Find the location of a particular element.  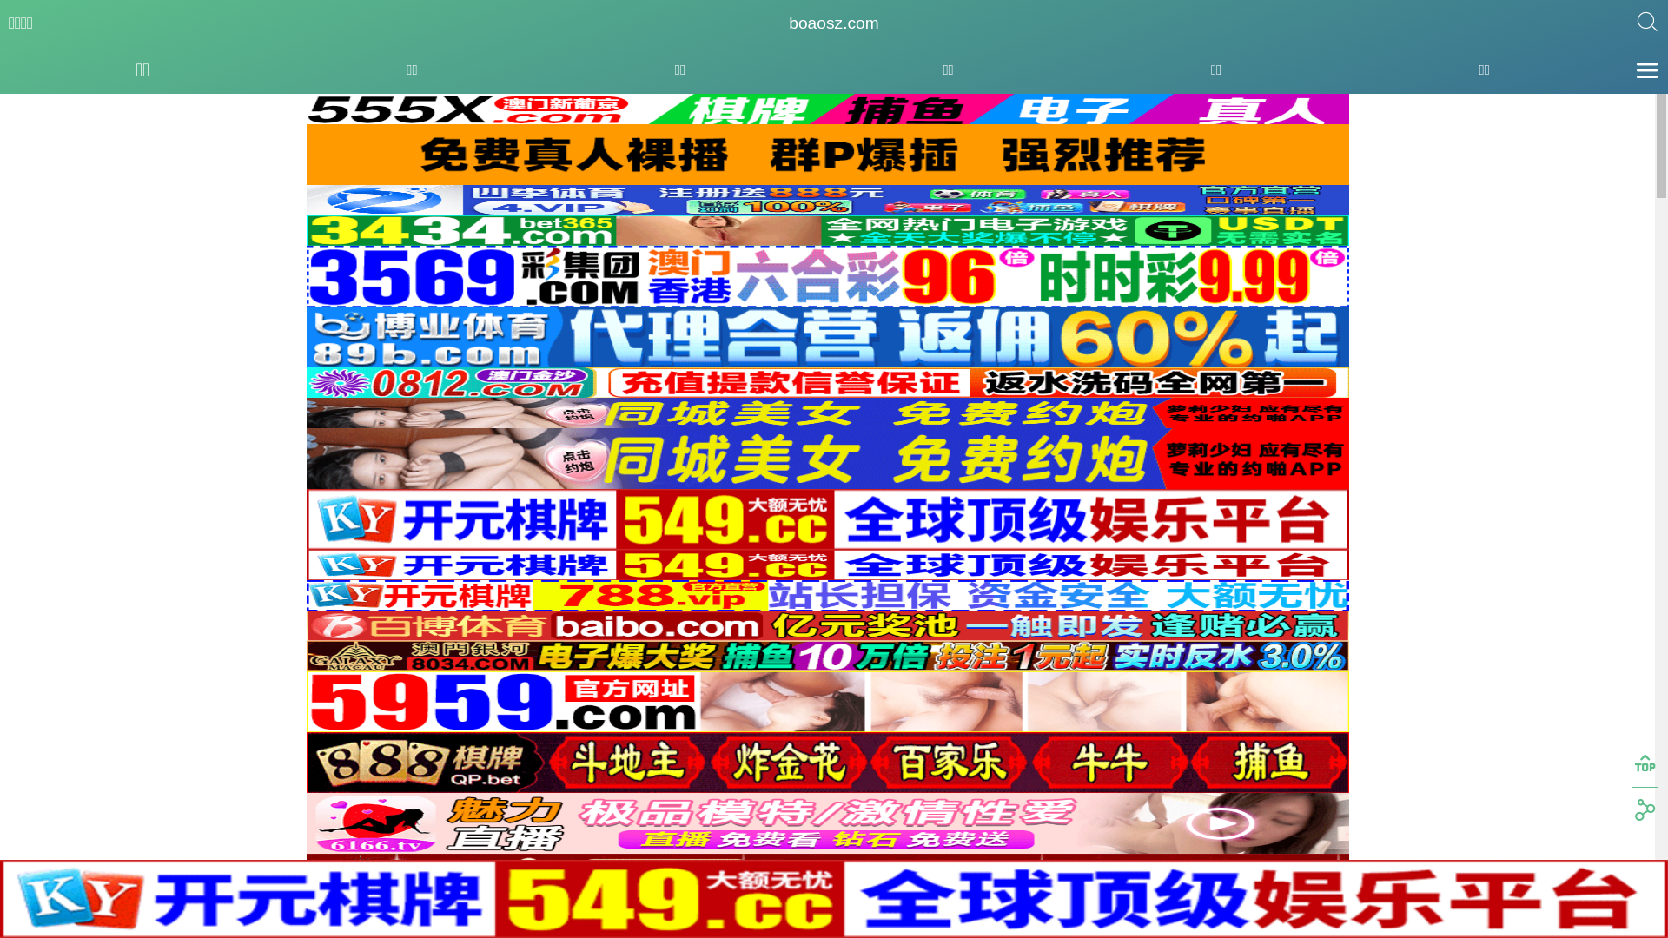

'boaosz.com' is located at coordinates (832, 23).